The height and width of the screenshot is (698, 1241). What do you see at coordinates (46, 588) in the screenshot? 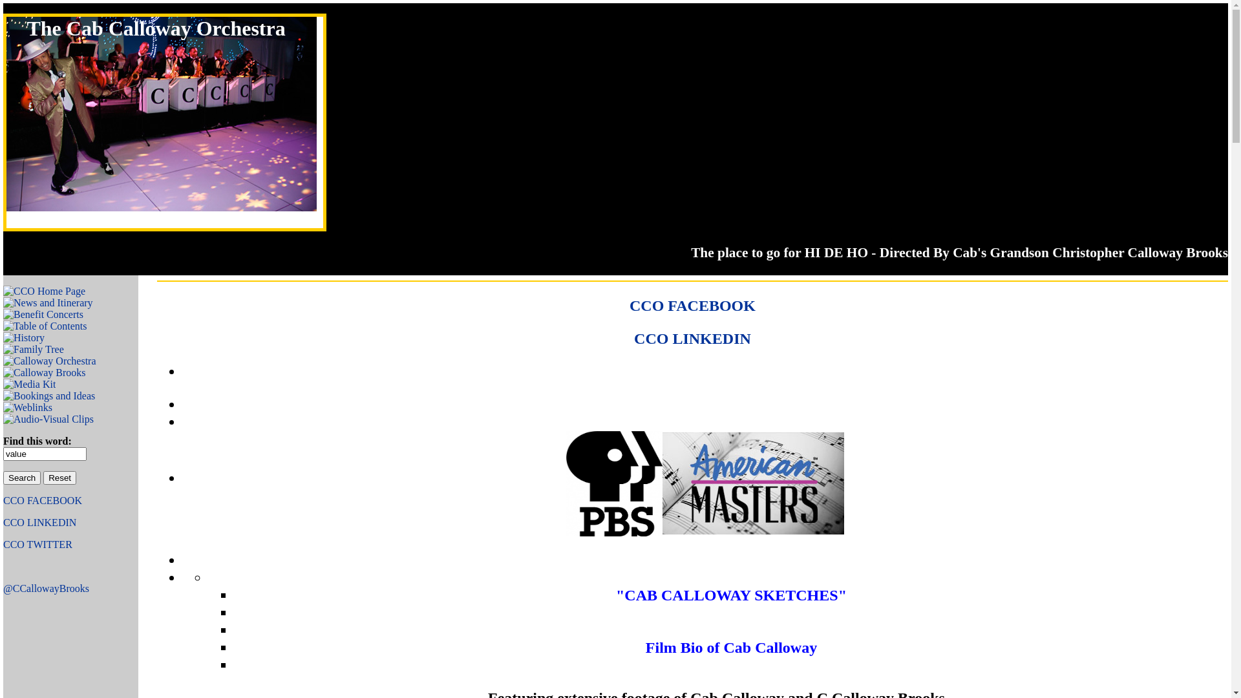
I see `'@CCallowayBrooks'` at bounding box center [46, 588].